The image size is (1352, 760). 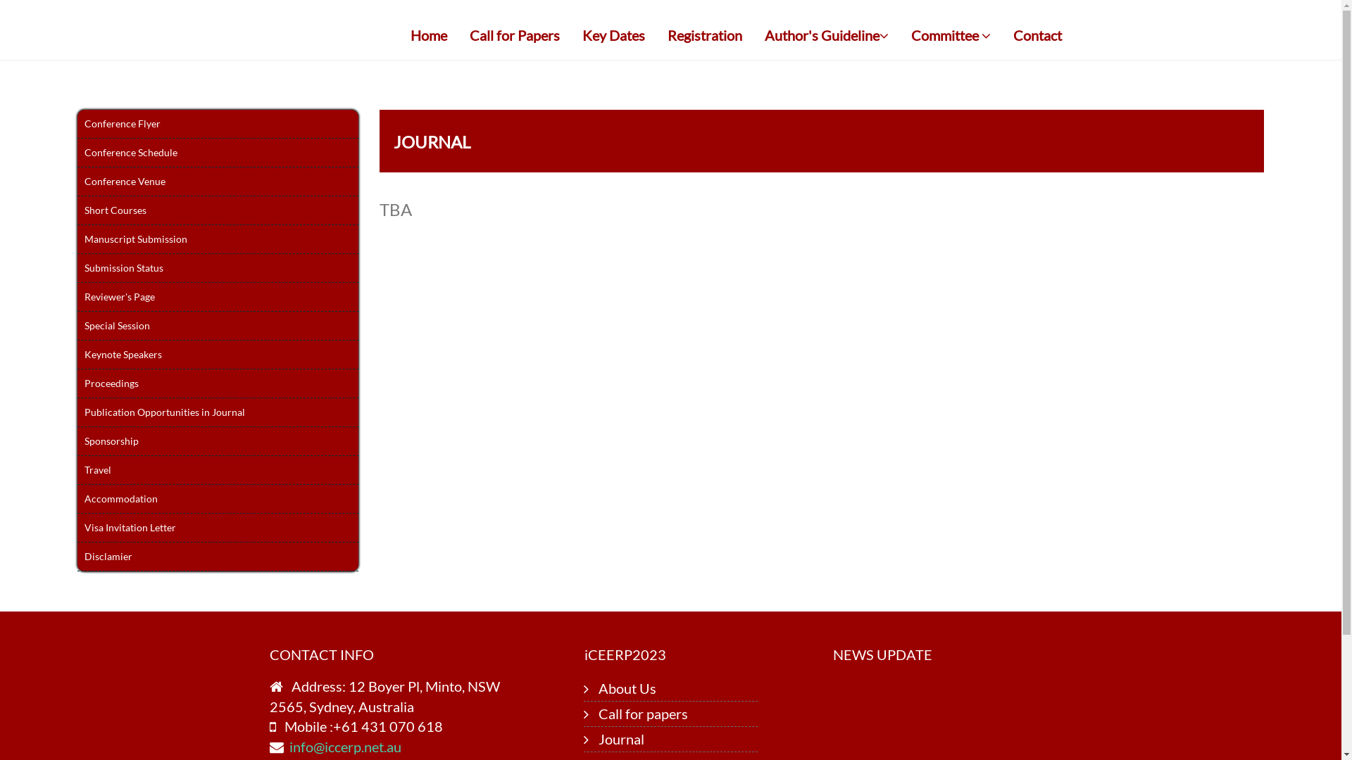 What do you see at coordinates (613, 34) in the screenshot?
I see `'Key Dates'` at bounding box center [613, 34].